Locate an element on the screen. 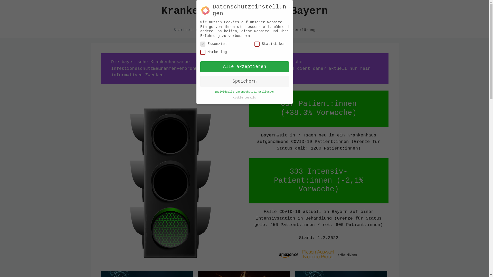 Image resolution: width=493 pixels, height=277 pixels. 'Startseite' is located at coordinates (168, 30).